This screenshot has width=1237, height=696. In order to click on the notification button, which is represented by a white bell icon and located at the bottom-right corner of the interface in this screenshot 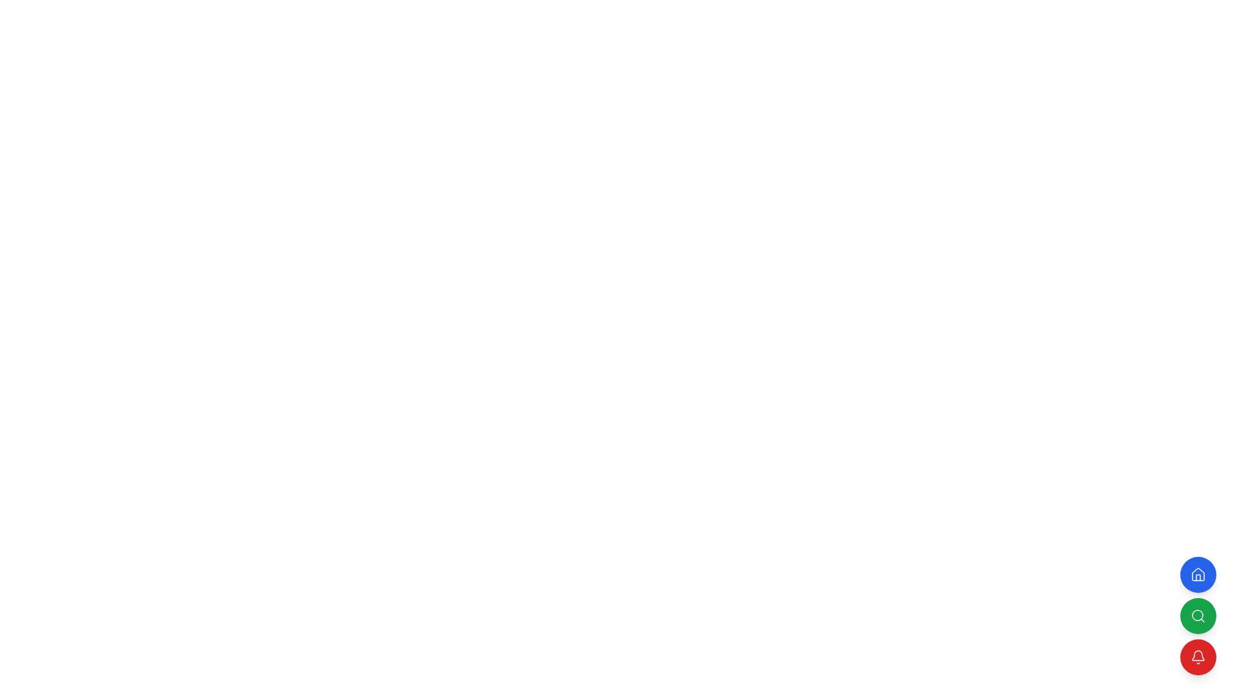, I will do `click(1198, 657)`.